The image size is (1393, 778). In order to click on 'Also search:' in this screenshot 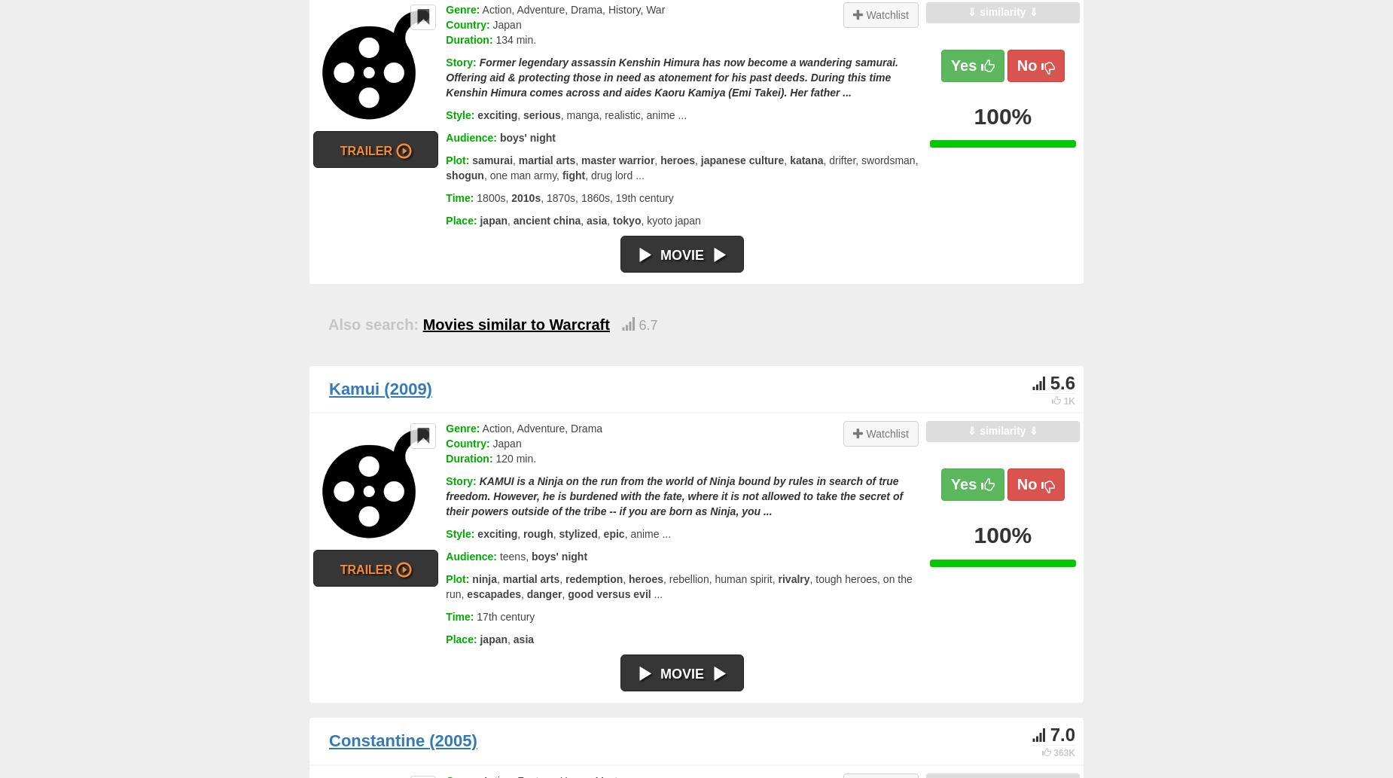, I will do `click(373, 324)`.